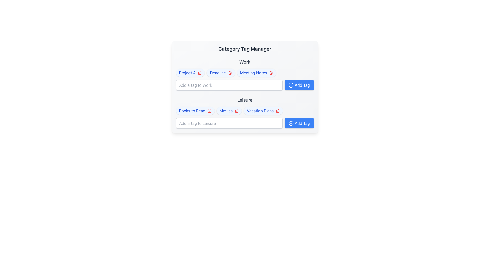 The image size is (487, 274). Describe the element at coordinates (253, 73) in the screenshot. I see `the 'Meeting Notes' text label in the 'Work' category` at that location.